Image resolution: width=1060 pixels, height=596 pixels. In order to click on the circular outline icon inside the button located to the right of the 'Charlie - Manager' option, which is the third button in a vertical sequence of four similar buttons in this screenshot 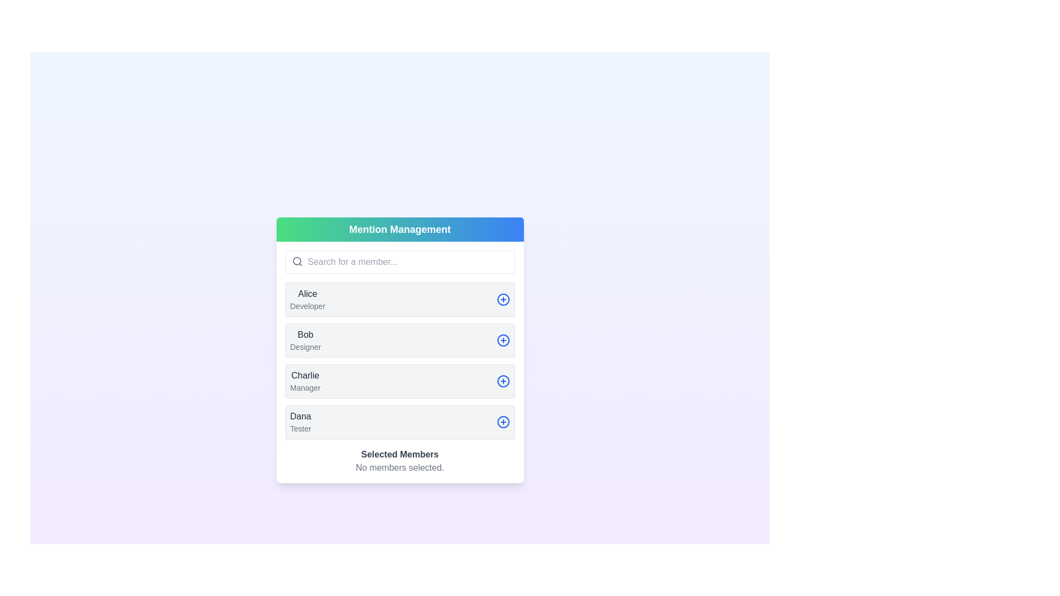, I will do `click(502, 380)`.